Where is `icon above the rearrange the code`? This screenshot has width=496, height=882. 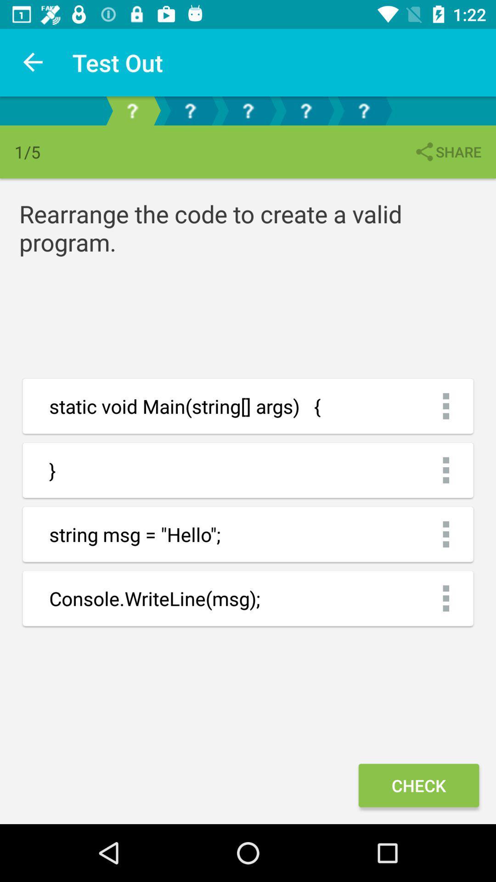 icon above the rearrange the code is located at coordinates (447, 152).